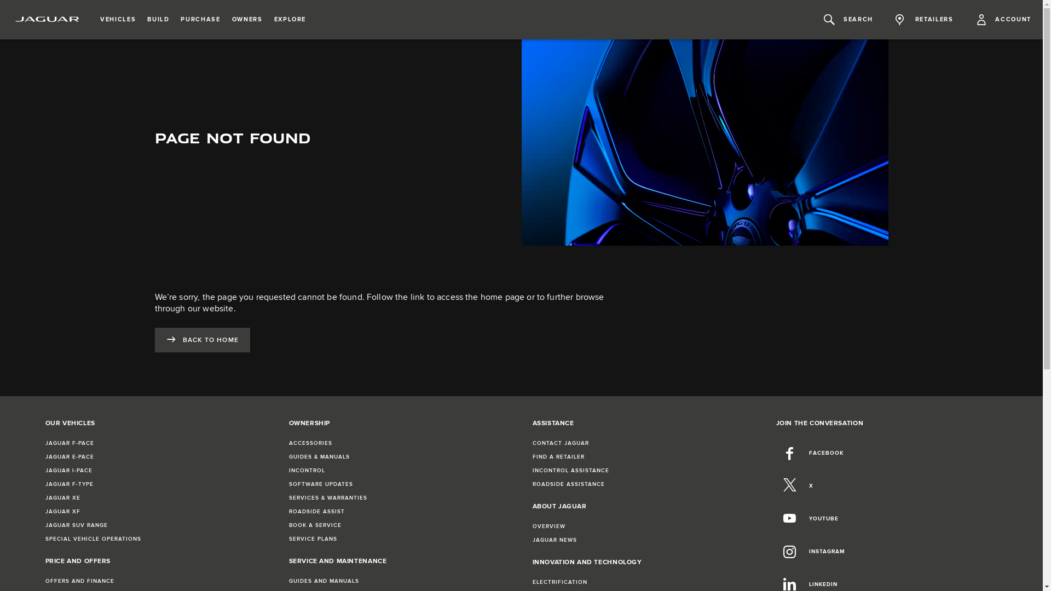  I want to click on 'VEHICLES', so click(118, 19).